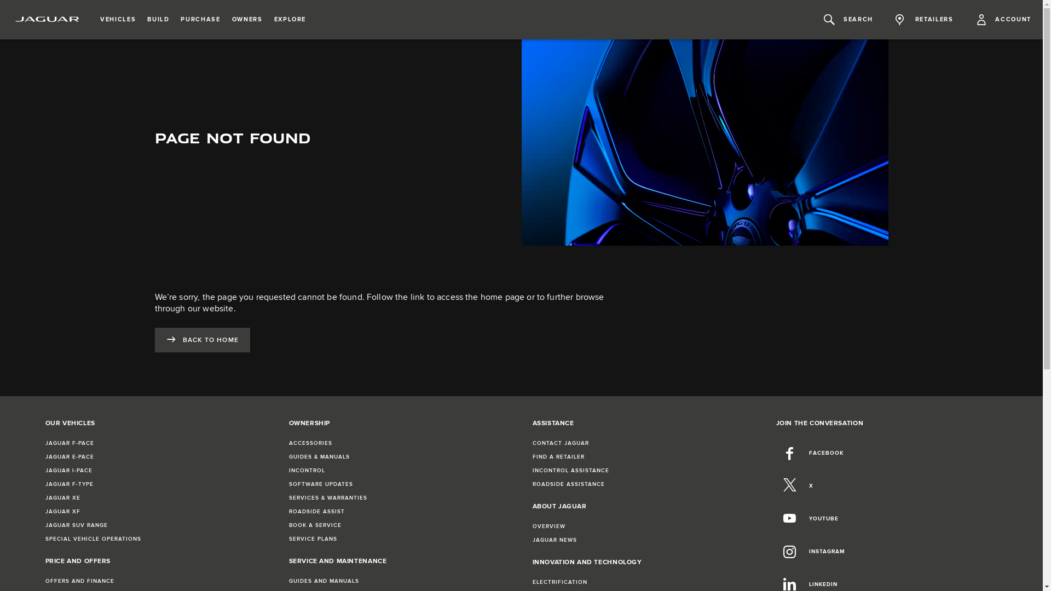  I want to click on 'VEHICLES', so click(118, 19).